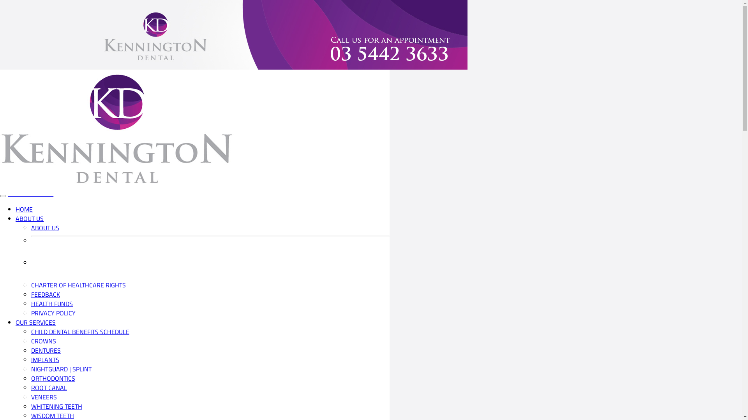  What do you see at coordinates (78, 285) in the screenshot?
I see `'CHARTER OF HEALTHCARE RIGHTS'` at bounding box center [78, 285].